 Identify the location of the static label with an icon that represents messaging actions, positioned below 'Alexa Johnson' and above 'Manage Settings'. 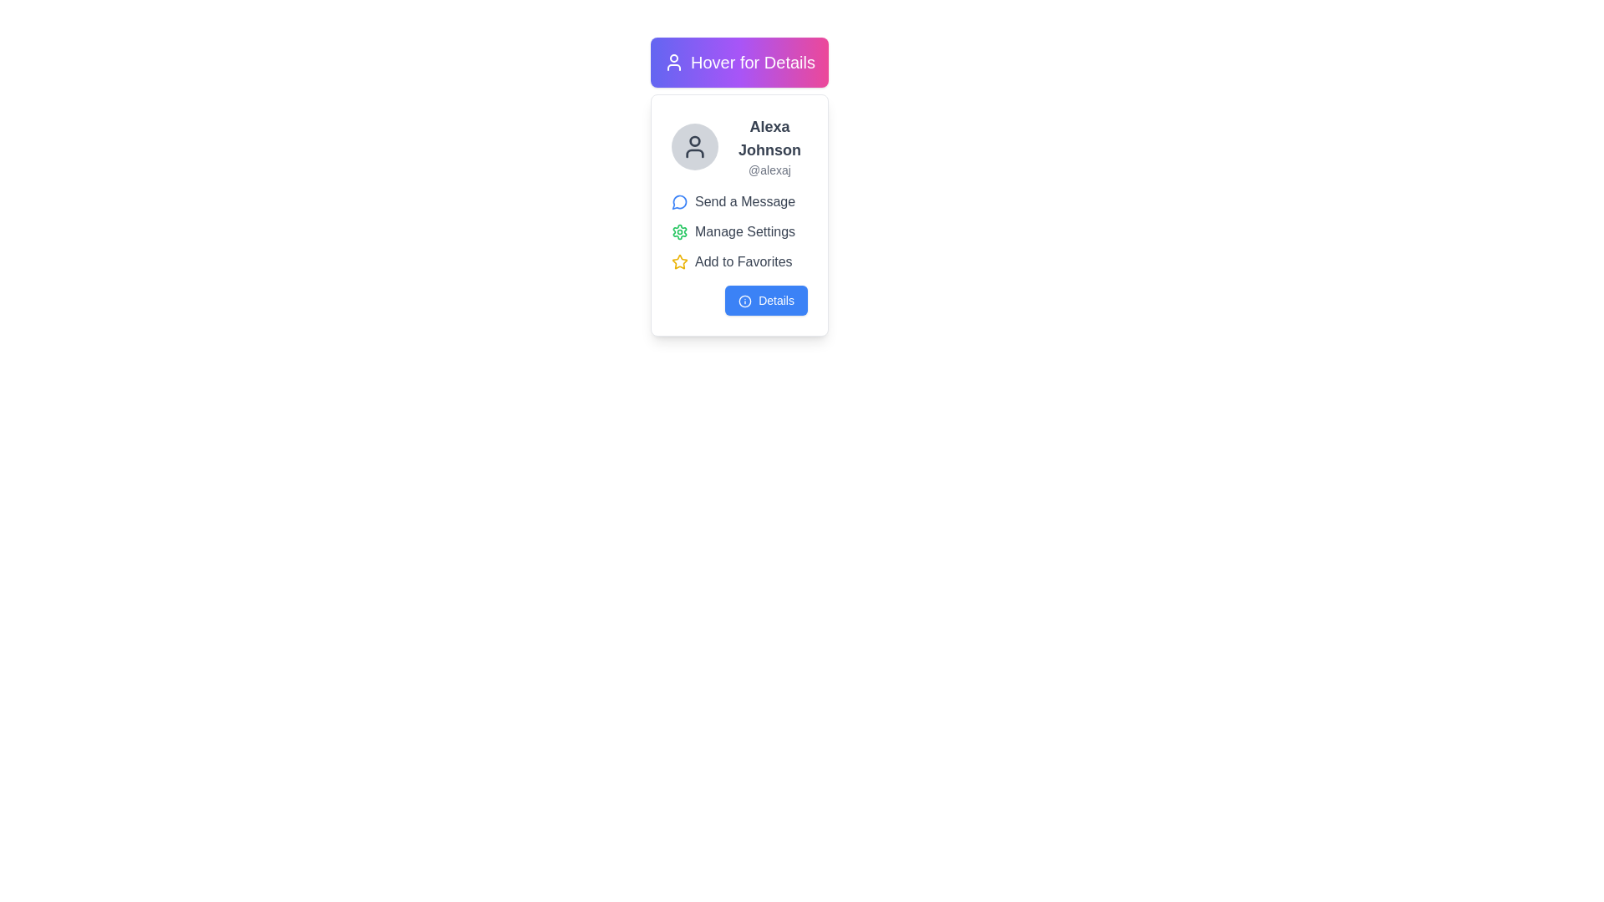
(739, 201).